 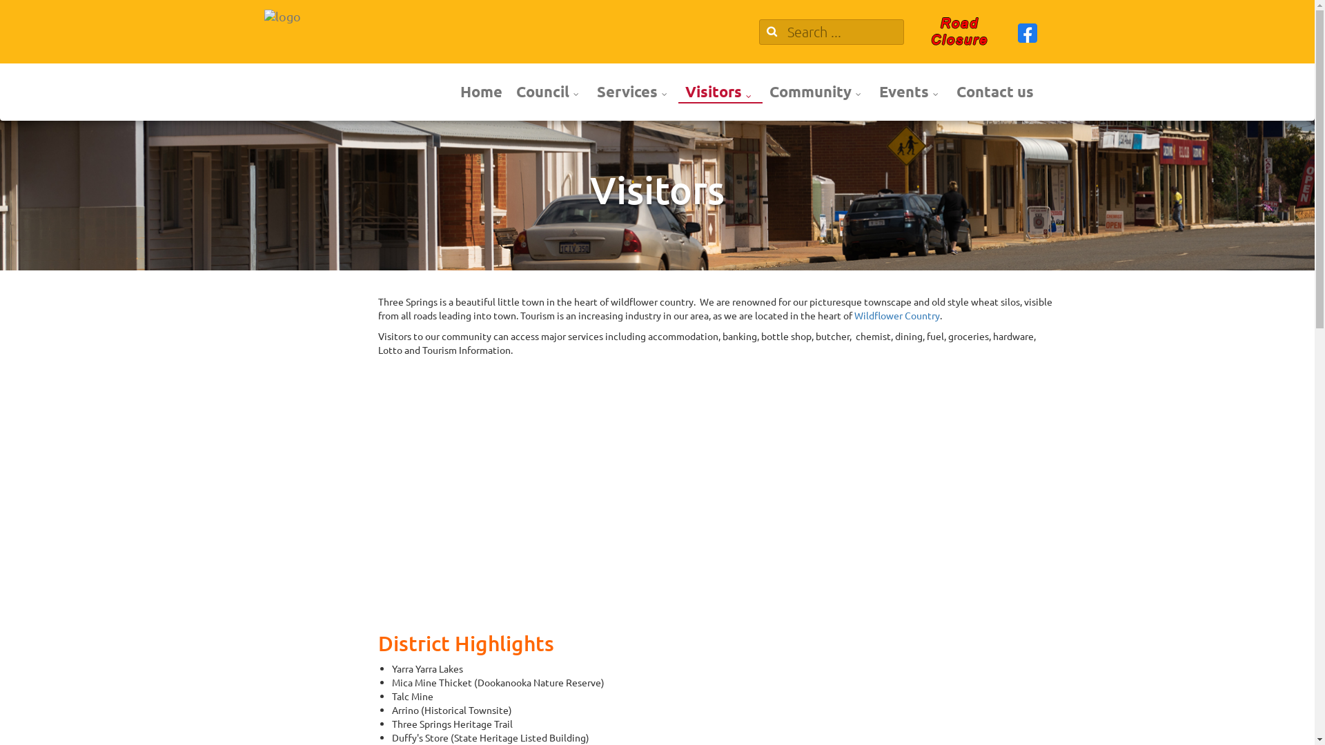 What do you see at coordinates (480, 91) in the screenshot?
I see `'Home'` at bounding box center [480, 91].